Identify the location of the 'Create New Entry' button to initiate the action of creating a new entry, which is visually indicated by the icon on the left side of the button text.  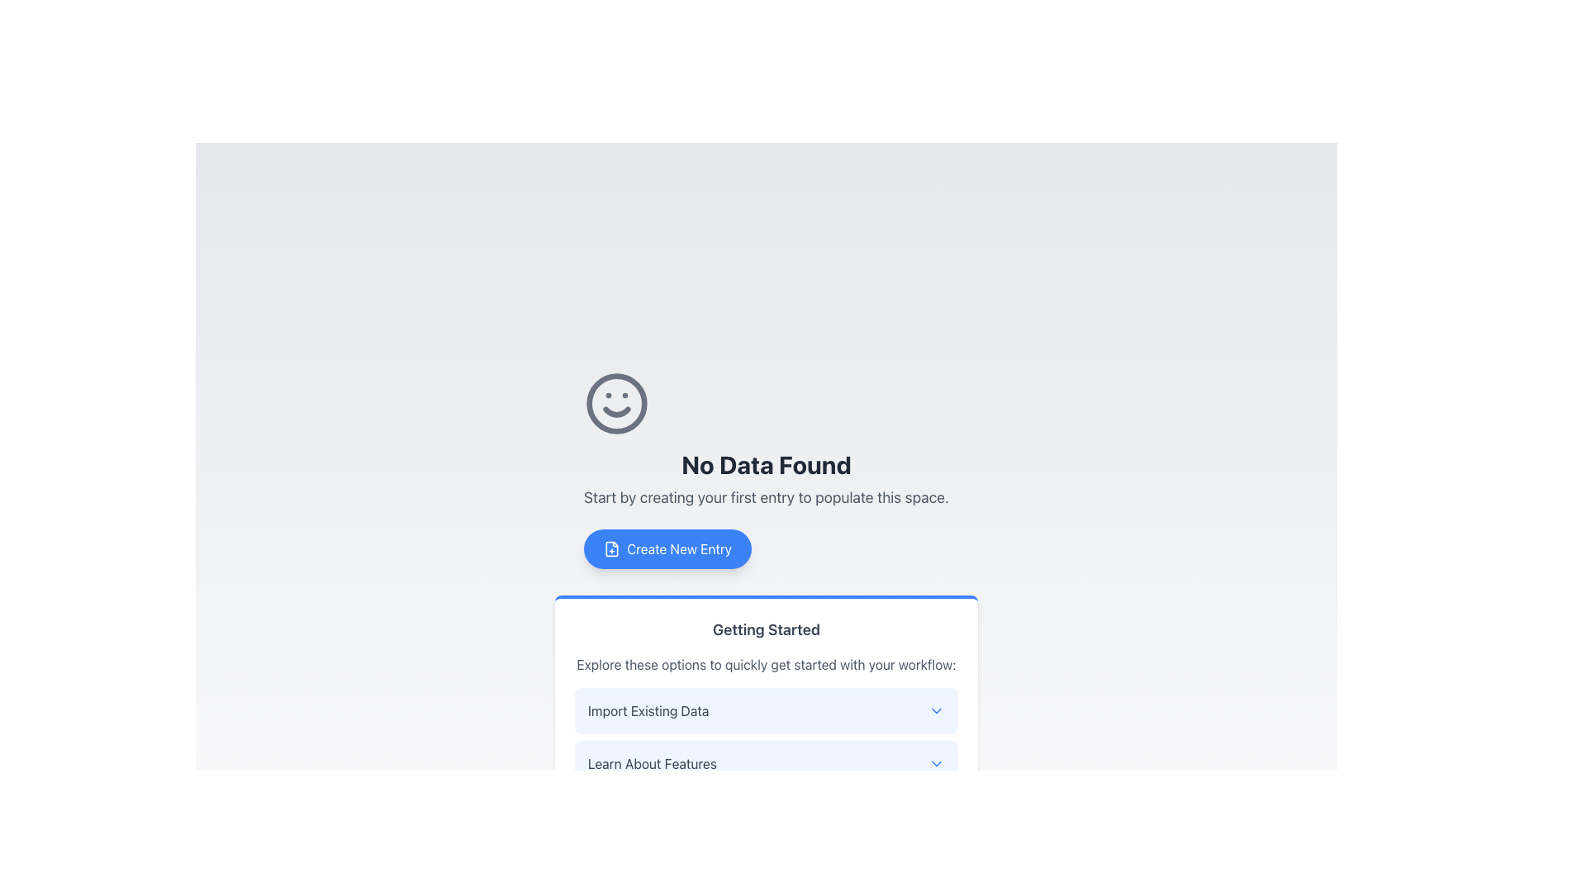
(611, 548).